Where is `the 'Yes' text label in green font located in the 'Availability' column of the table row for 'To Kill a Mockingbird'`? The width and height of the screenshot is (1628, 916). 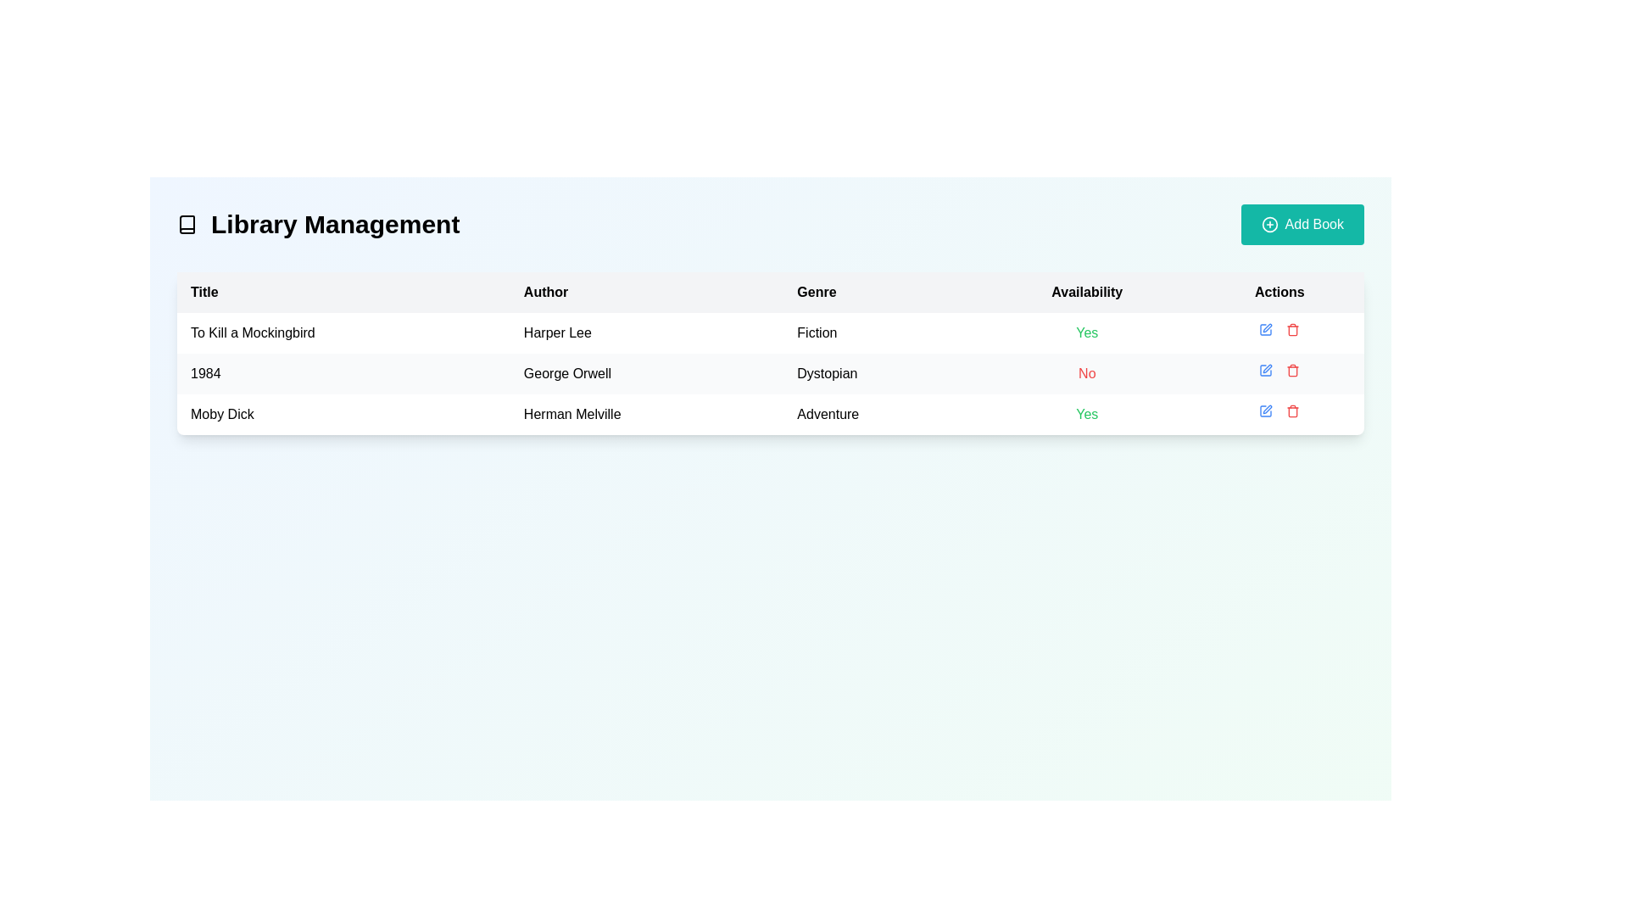
the 'Yes' text label in green font located in the 'Availability' column of the table row for 'To Kill a Mockingbird' is located at coordinates (1087, 333).